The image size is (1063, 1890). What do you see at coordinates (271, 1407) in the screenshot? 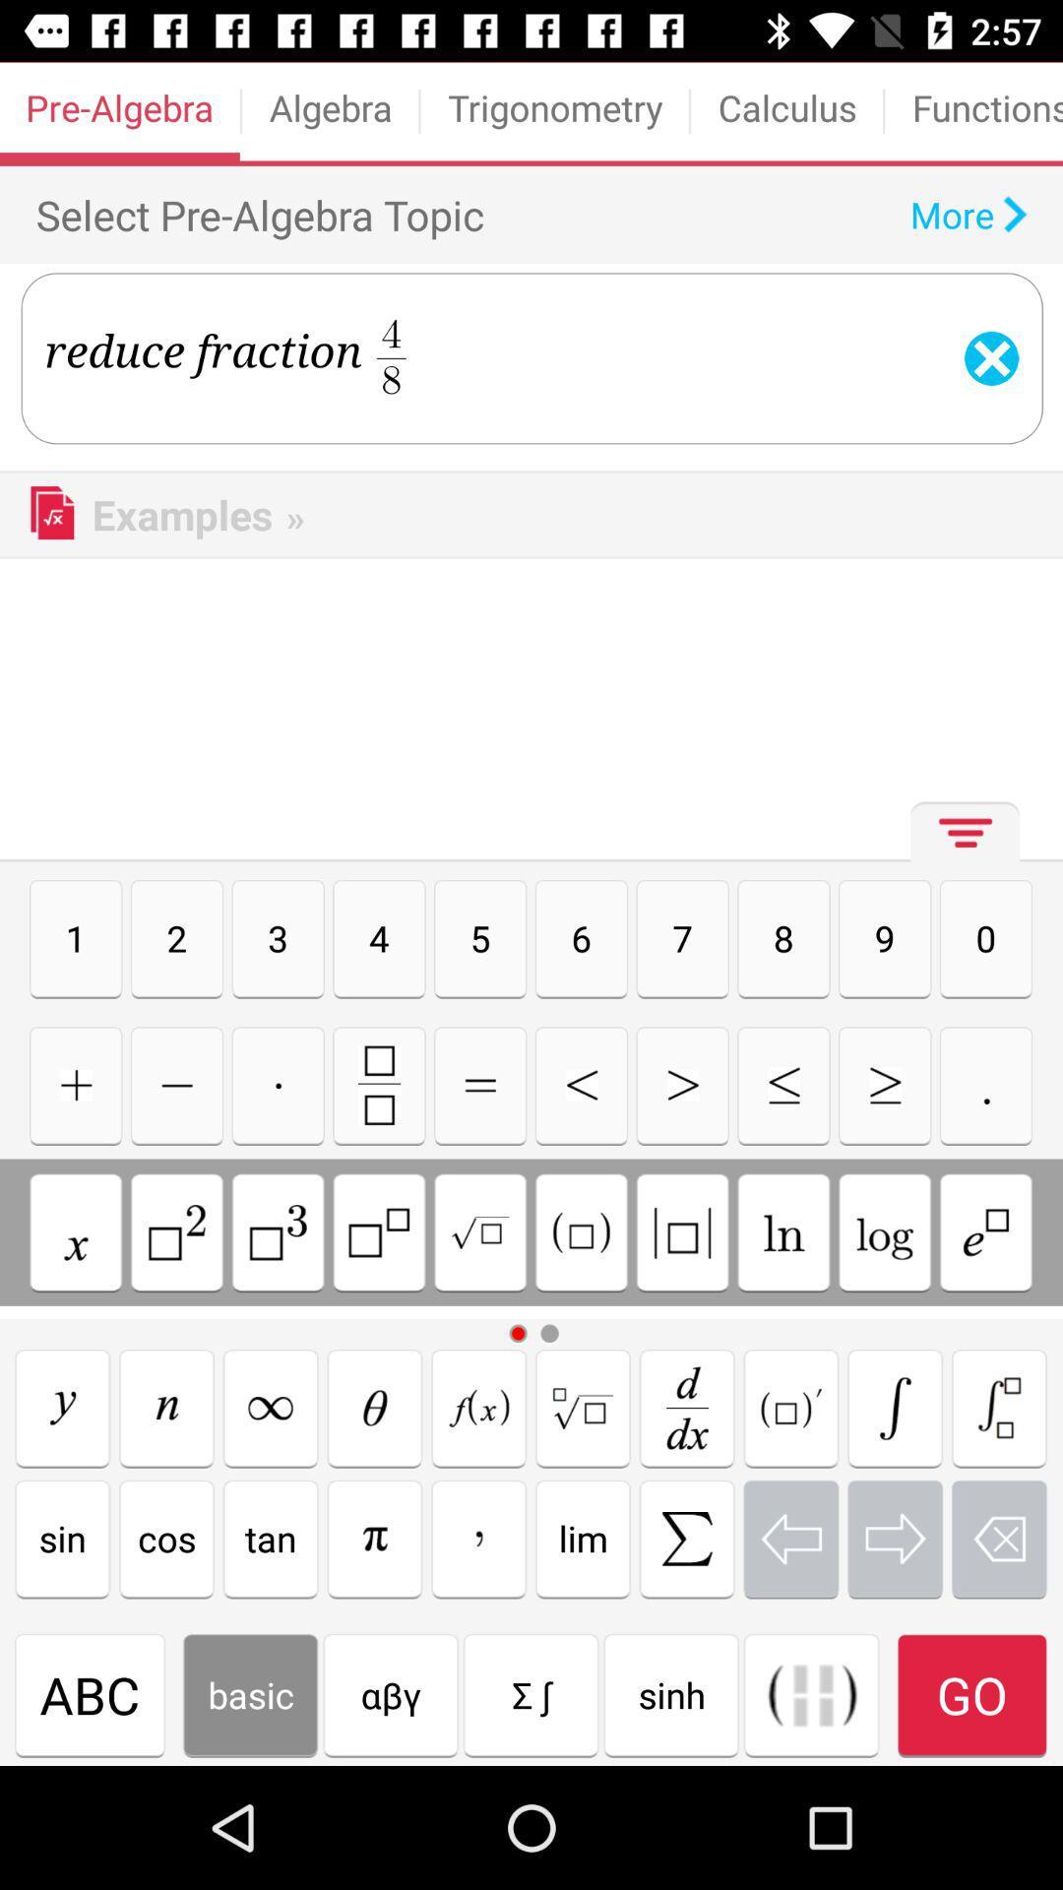
I see `use infinity symbol` at bounding box center [271, 1407].